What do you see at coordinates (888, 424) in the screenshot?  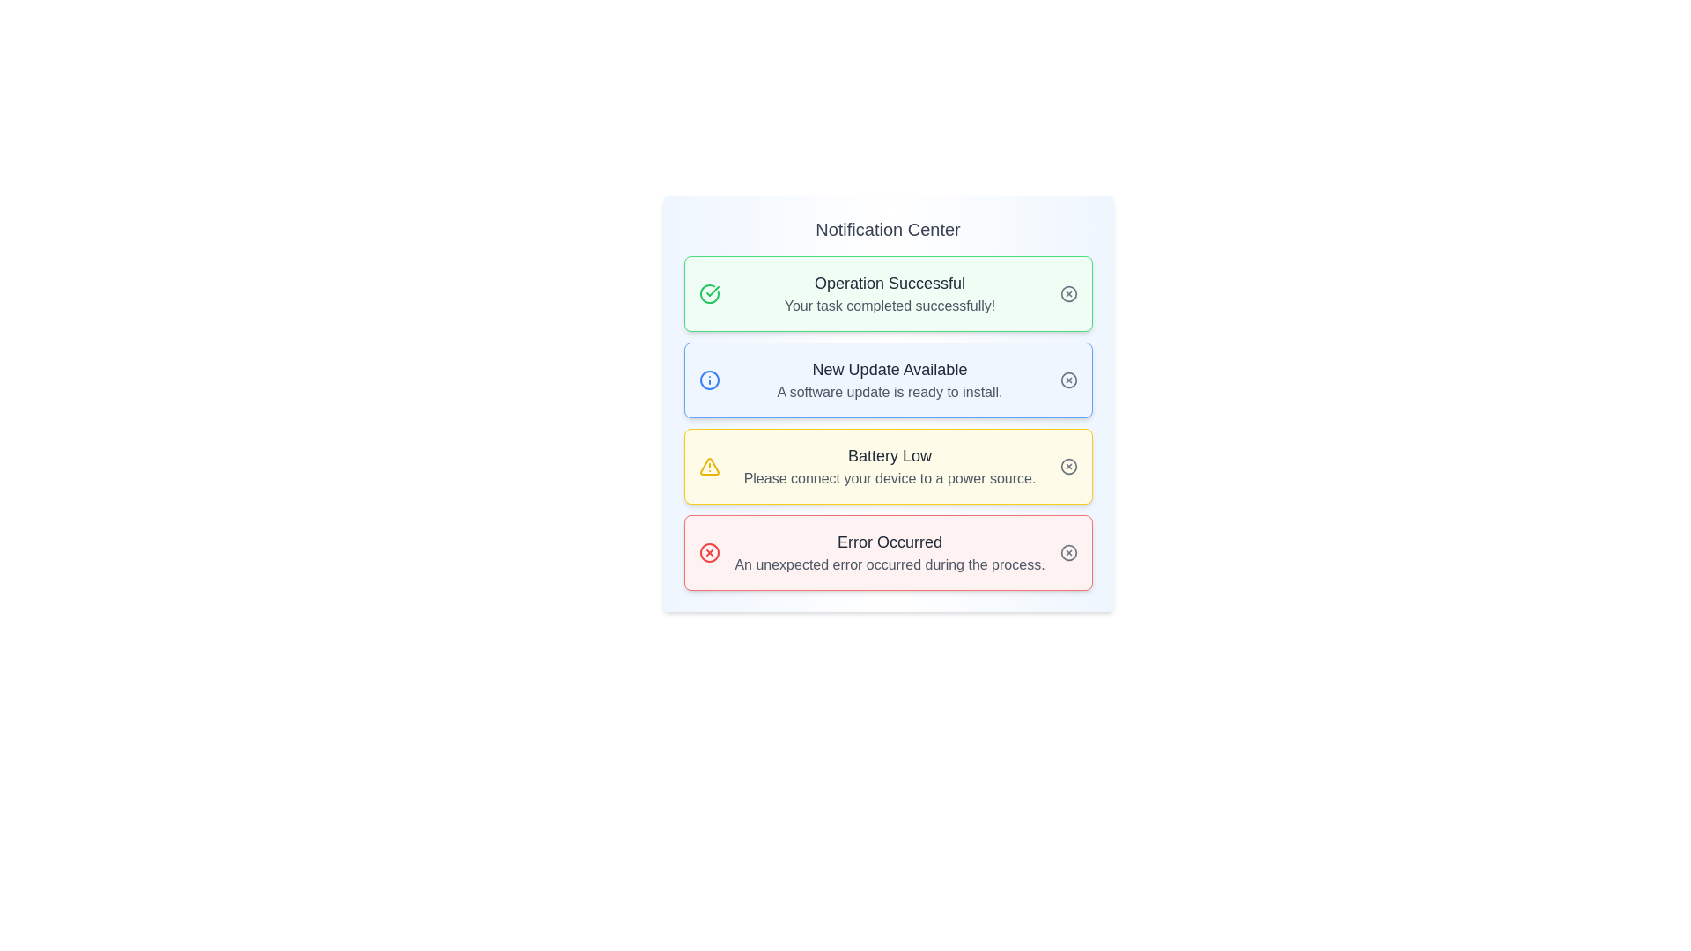 I see `the yellow notification card, which is the third card in the vertically stacked group of notification cards in the Notification Center` at bounding box center [888, 424].